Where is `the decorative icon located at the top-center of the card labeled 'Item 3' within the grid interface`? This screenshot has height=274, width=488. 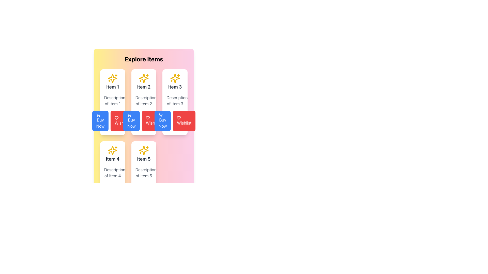
the decorative icon located at the top-center of the card labeled 'Item 3' within the grid interface is located at coordinates (175, 78).